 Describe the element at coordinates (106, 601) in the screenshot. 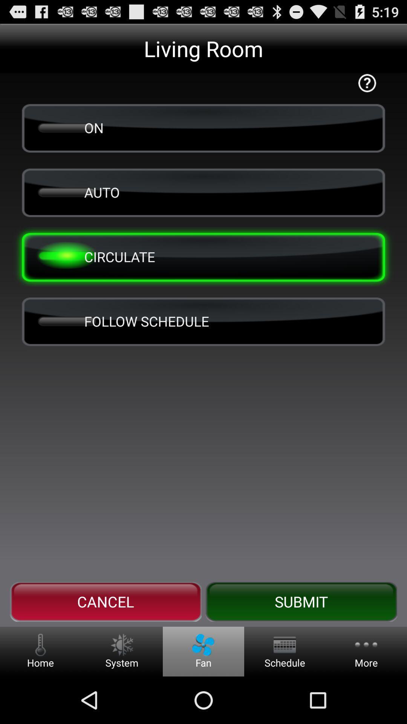

I see `the button next to the submit button` at that location.